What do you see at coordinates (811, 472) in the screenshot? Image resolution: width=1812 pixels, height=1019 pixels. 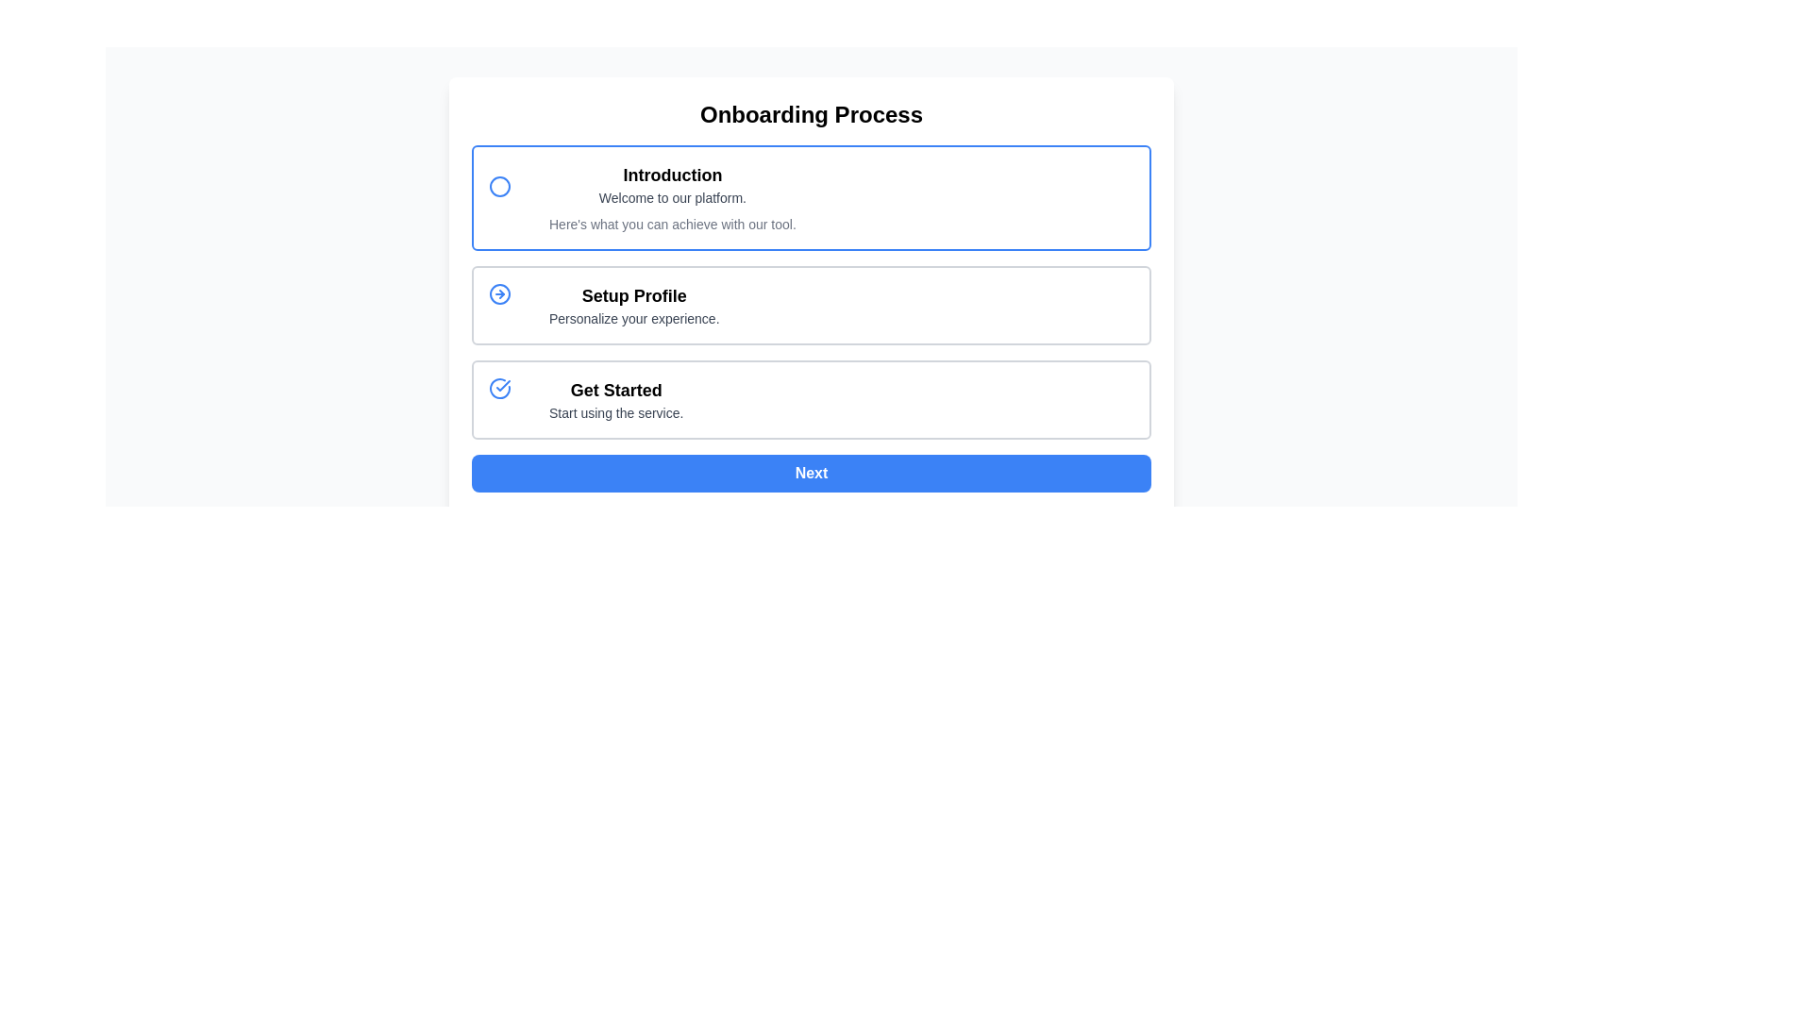 I see `the onboarding process button located at the bottom of the interface to observe the hover effect, which includes a color change` at bounding box center [811, 472].